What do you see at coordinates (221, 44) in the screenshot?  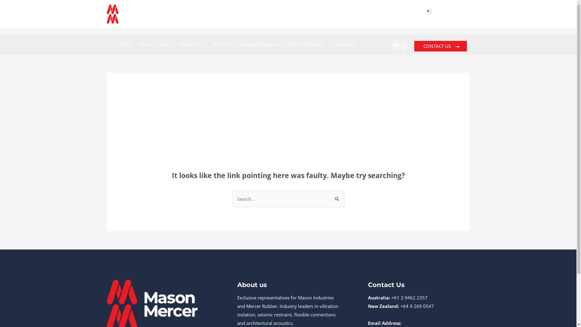 I see `'Projects'` at bounding box center [221, 44].